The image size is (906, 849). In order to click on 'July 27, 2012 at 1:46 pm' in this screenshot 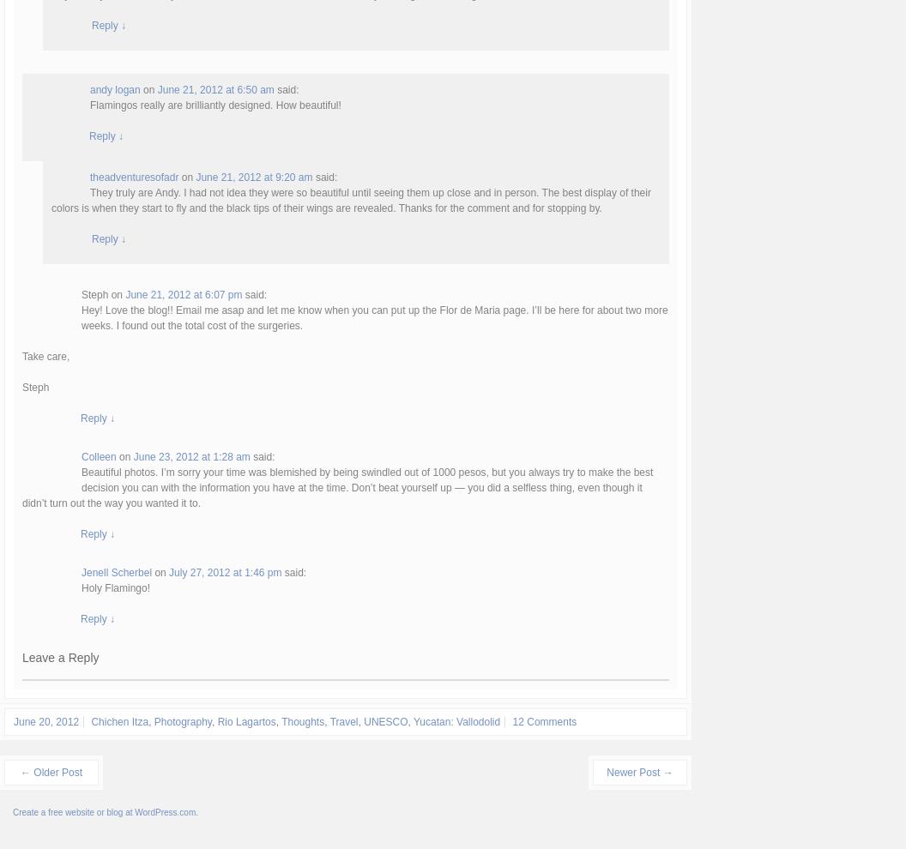, I will do `click(224, 571)`.